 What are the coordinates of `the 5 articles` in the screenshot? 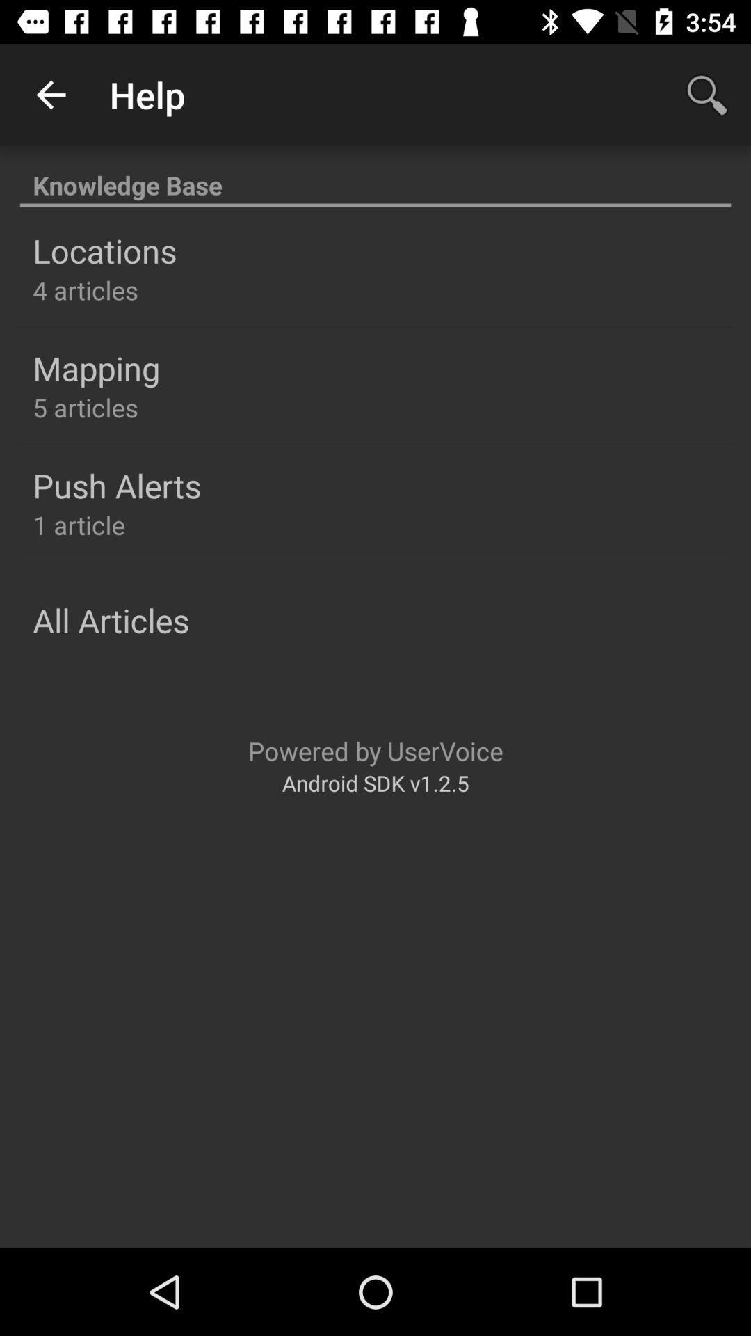 It's located at (86, 406).